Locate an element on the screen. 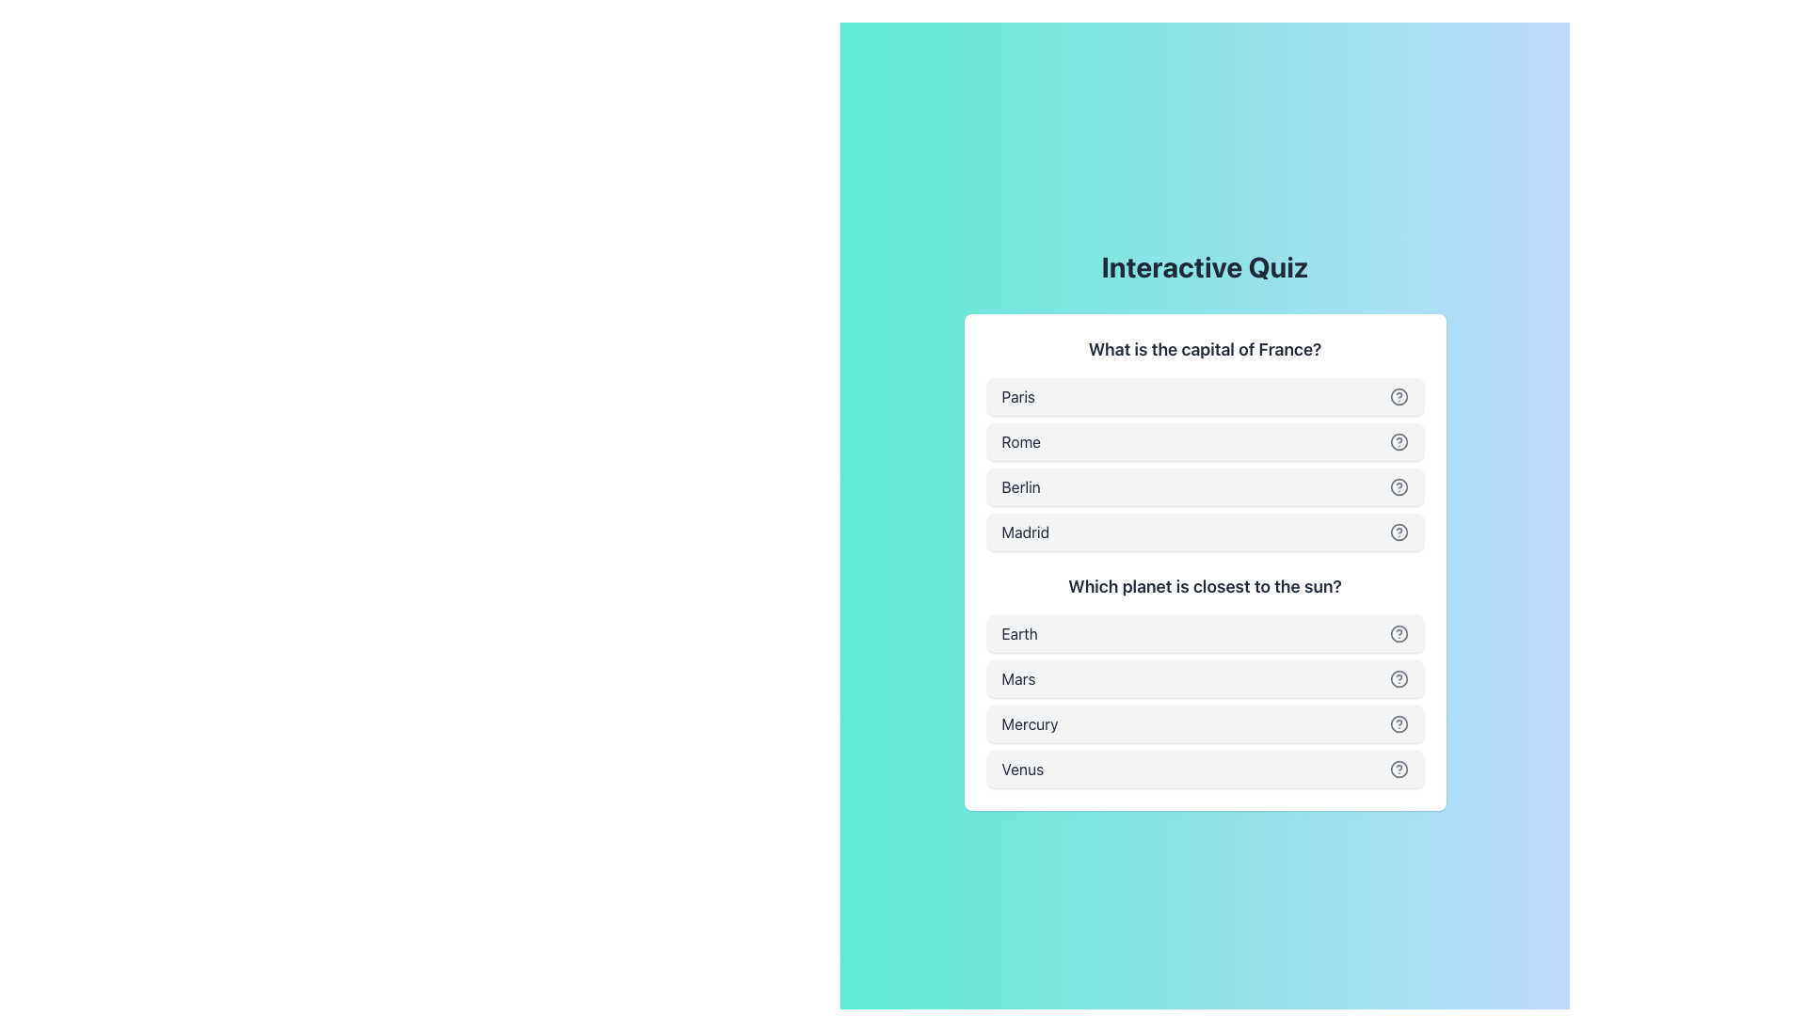 The height and width of the screenshot is (1016, 1807). the gray circular help icon with a question mark at the far-right end of the 'Mercury' row in the quiz interface is located at coordinates (1399, 723).